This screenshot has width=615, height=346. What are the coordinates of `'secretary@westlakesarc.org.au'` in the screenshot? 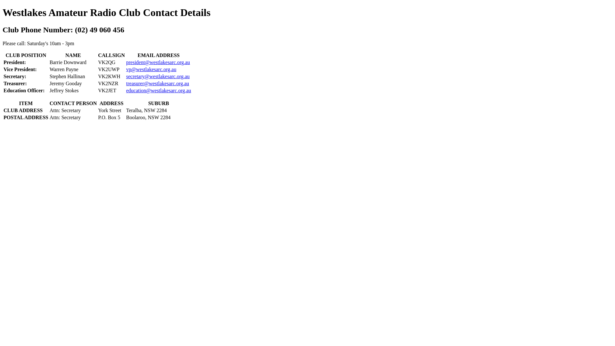 It's located at (158, 76).